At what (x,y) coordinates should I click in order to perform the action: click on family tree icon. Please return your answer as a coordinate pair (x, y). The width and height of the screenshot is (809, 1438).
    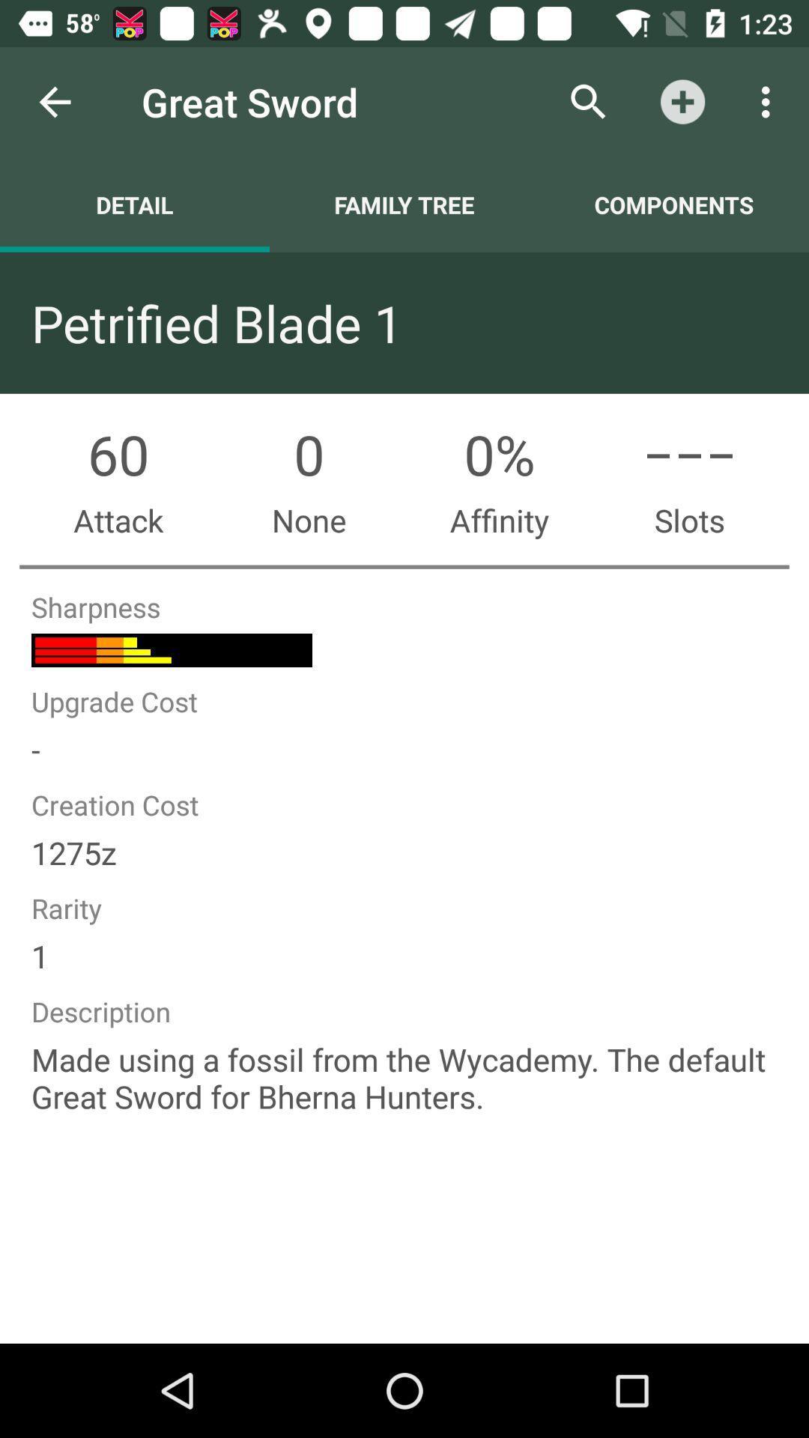
    Looking at the image, I should click on (404, 204).